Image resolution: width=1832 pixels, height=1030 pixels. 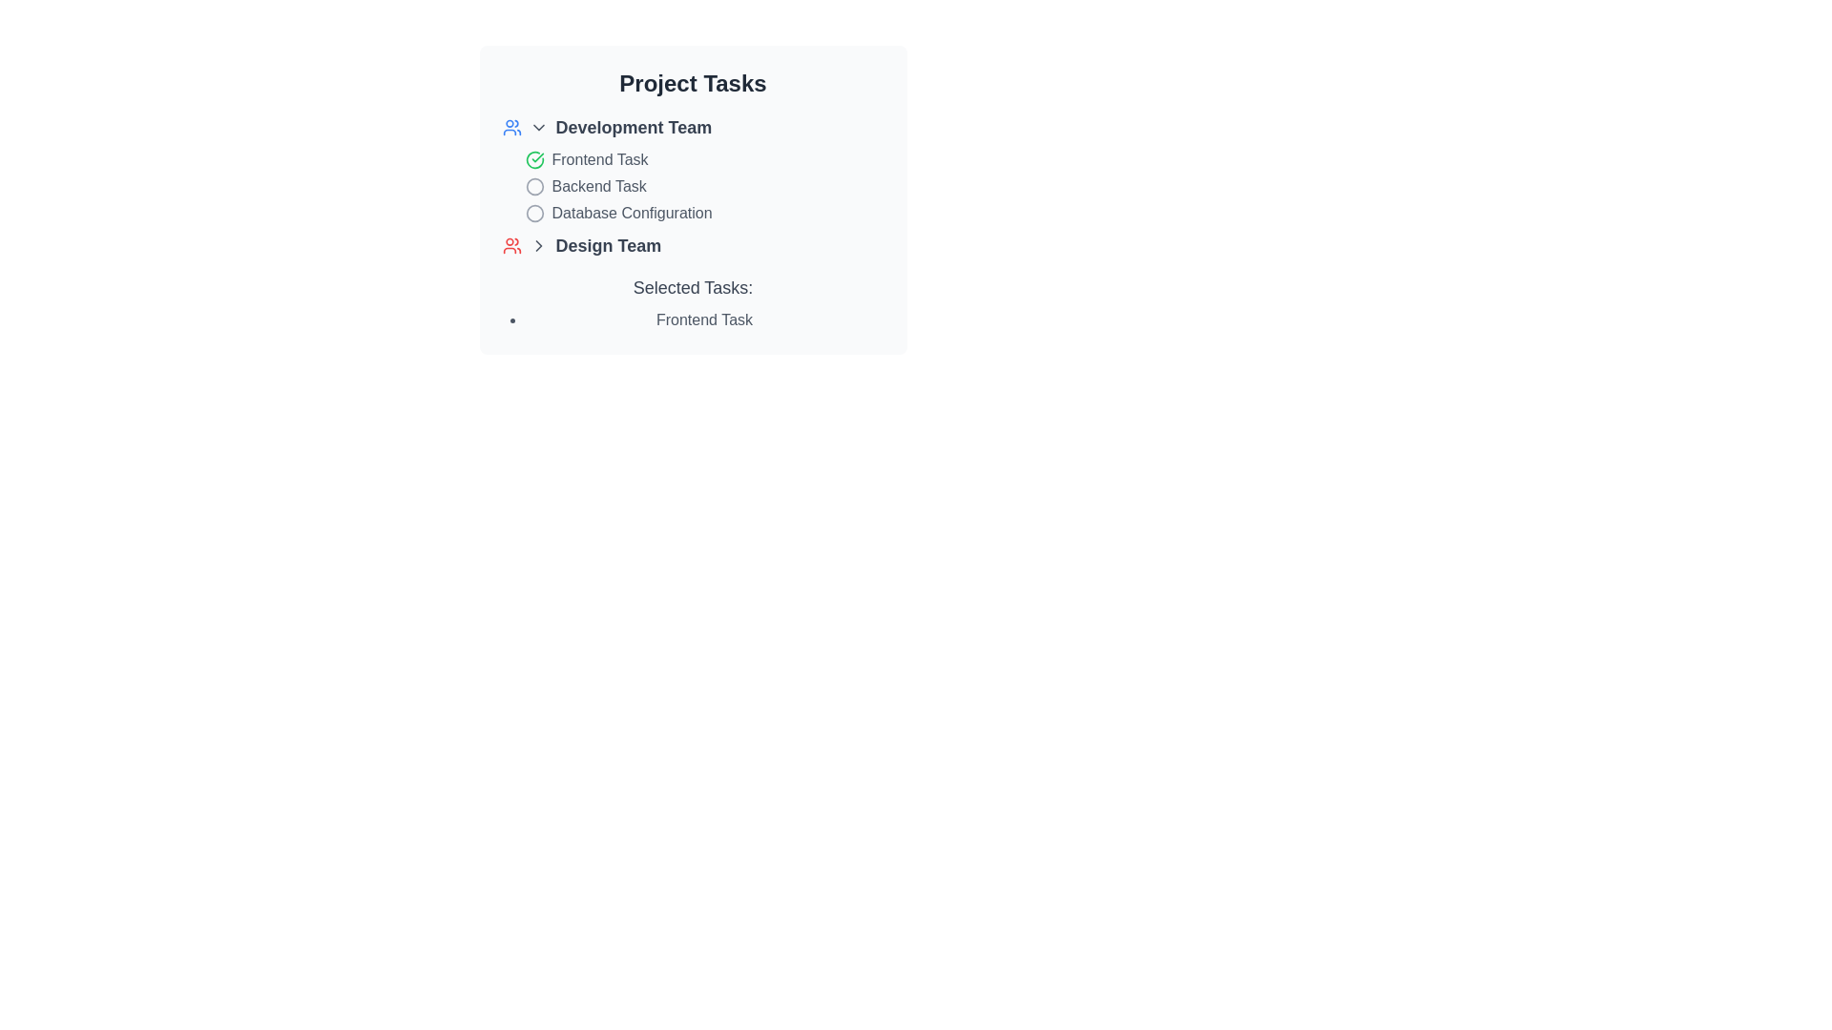 I want to click on the 'Backend Task' text label, which is the second item in the task list under the 'Development Team' section, located below the 'Frontend Task' and above the 'Database Configuration', so click(x=598, y=187).